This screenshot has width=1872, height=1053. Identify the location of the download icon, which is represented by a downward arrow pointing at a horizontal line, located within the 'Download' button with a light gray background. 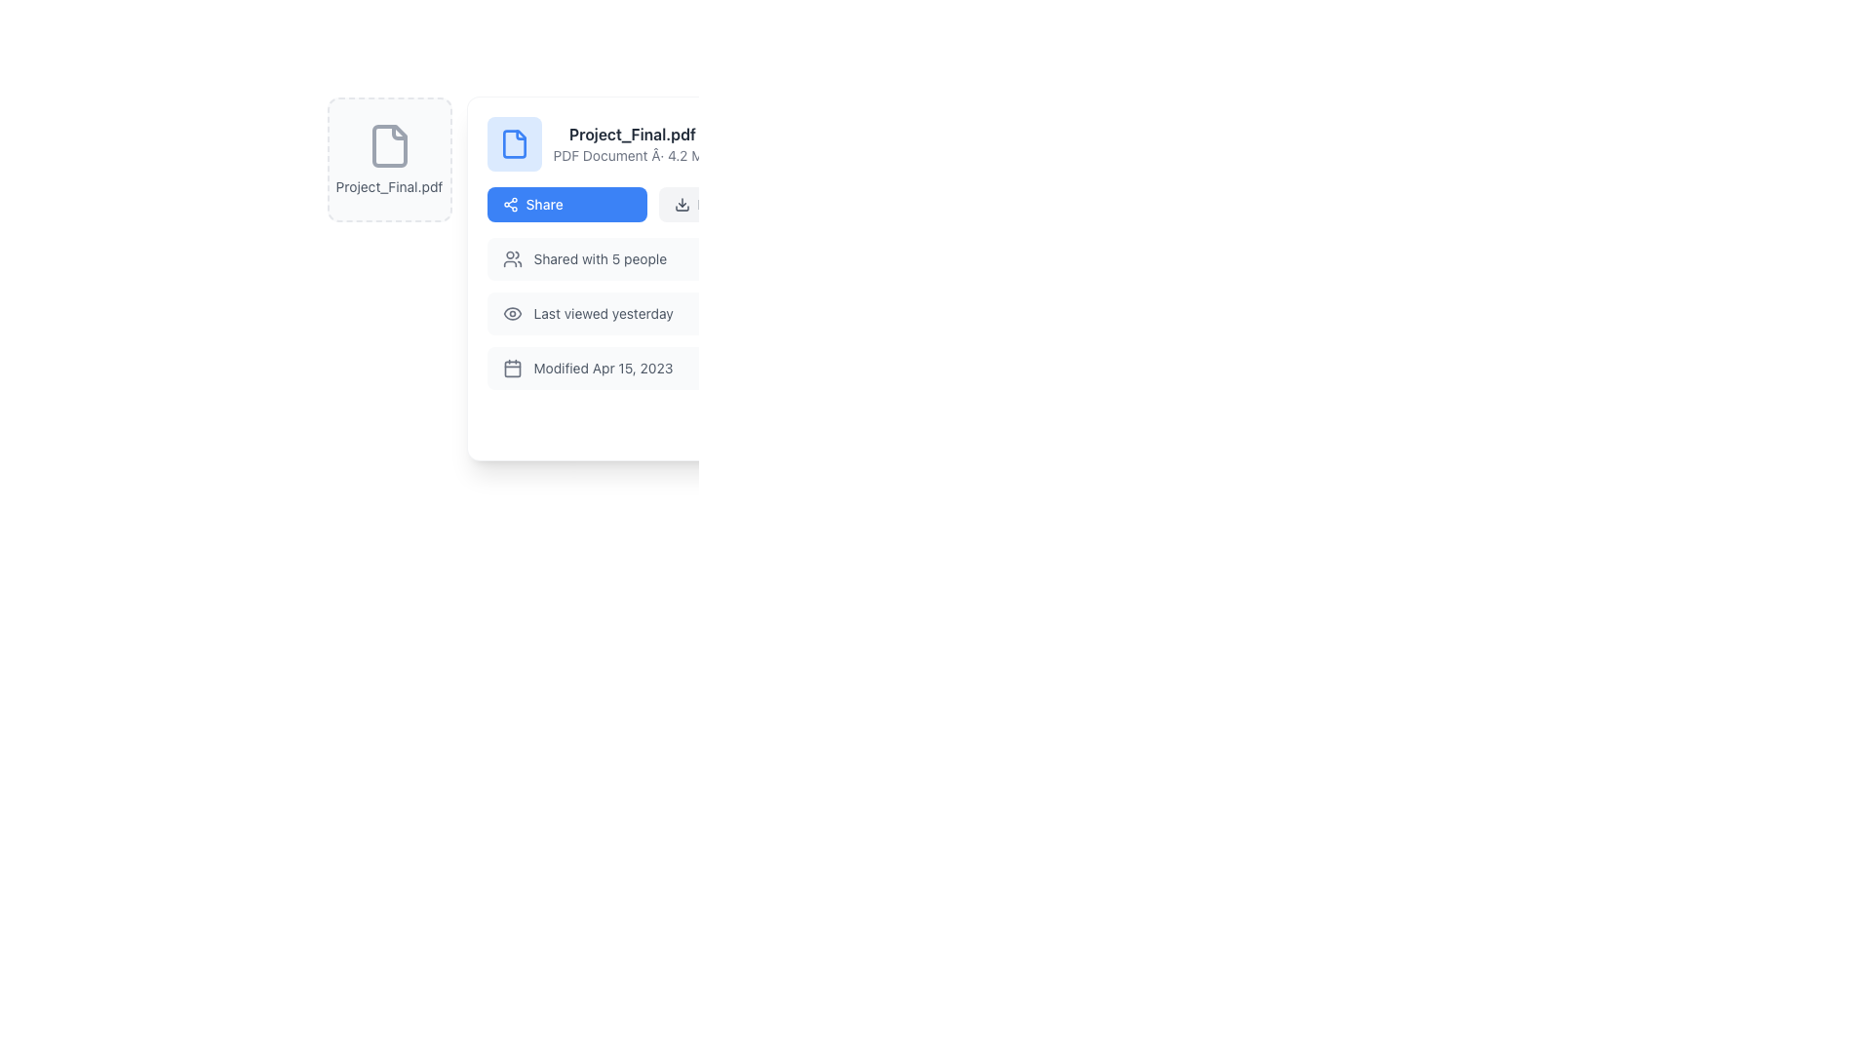
(682, 204).